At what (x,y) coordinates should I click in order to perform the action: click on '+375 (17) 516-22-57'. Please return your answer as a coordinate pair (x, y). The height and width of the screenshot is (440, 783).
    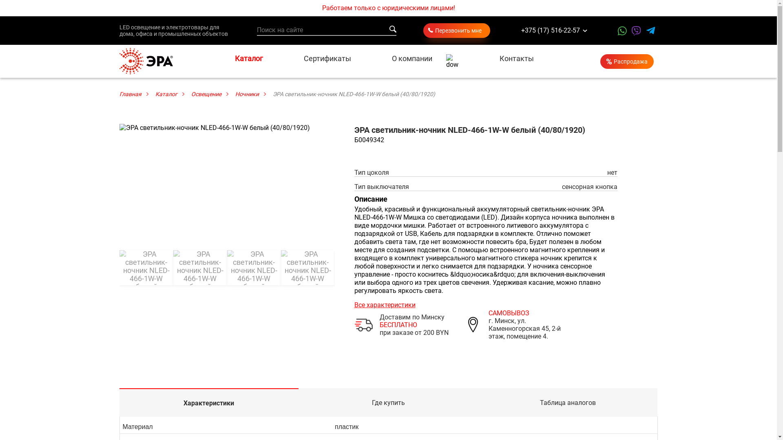
    Looking at the image, I should click on (548, 30).